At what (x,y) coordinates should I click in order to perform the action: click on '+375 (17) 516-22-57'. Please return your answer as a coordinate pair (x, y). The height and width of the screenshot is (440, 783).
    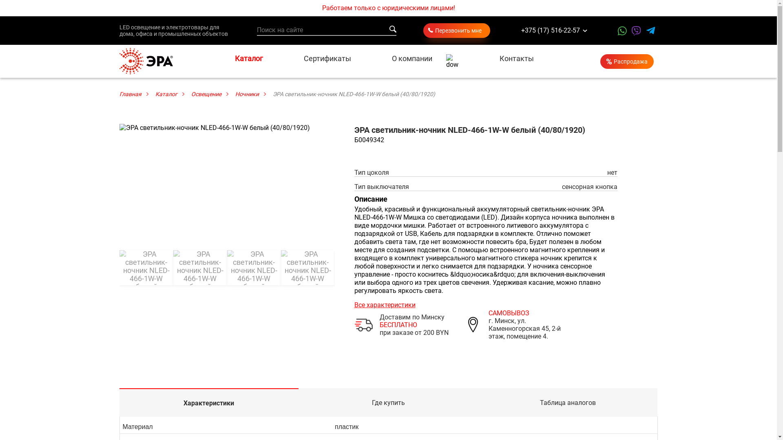
    Looking at the image, I should click on (548, 30).